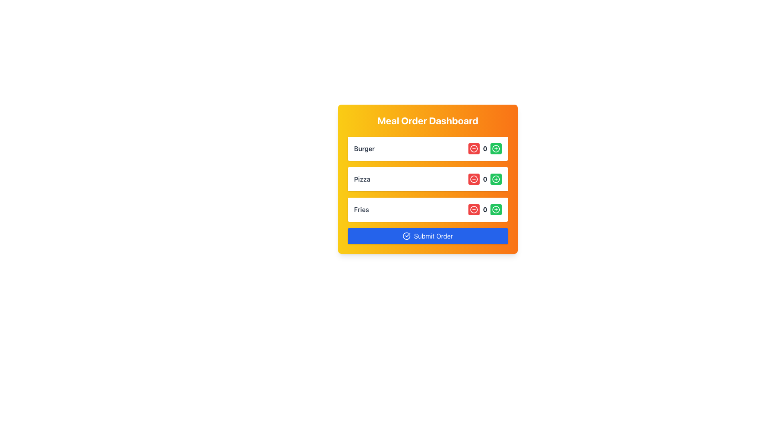 This screenshot has width=770, height=433. I want to click on the visual representation of the confirmation Icon (SVG component) located inside the 'Submit Order' button, positioned to the left of the button's text content, so click(407, 236).